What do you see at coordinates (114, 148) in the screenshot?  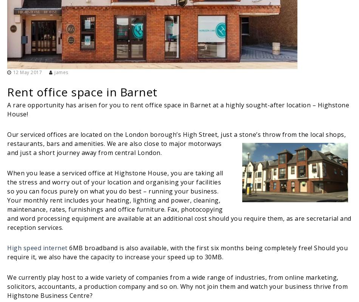 I see `'close to major motorways and just a short journey away from central London.'` at bounding box center [114, 148].